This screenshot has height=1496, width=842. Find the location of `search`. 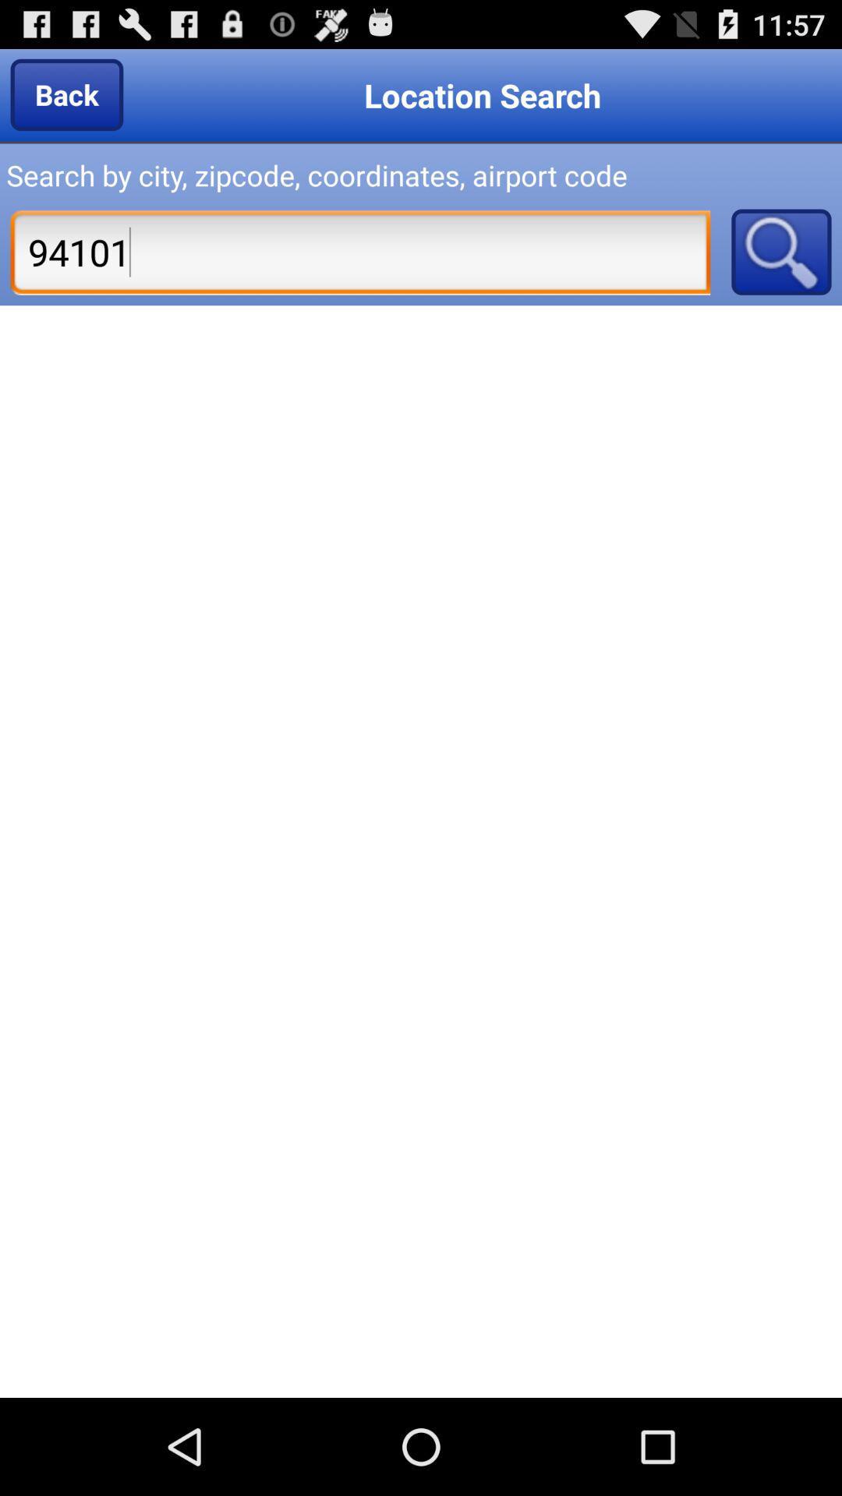

search is located at coordinates (781, 252).